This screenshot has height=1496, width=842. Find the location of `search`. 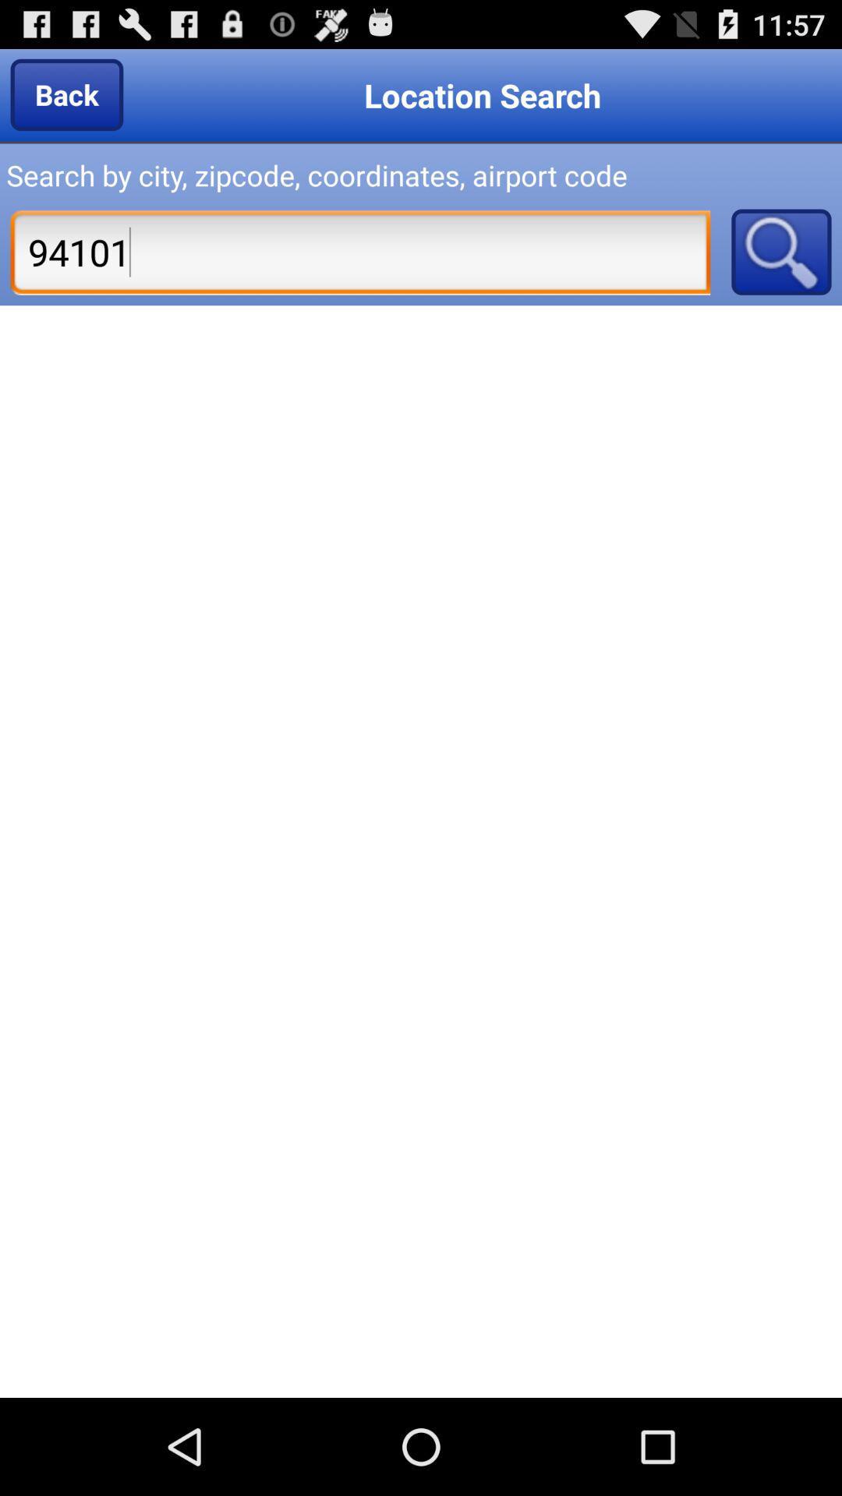

search is located at coordinates (781, 252).